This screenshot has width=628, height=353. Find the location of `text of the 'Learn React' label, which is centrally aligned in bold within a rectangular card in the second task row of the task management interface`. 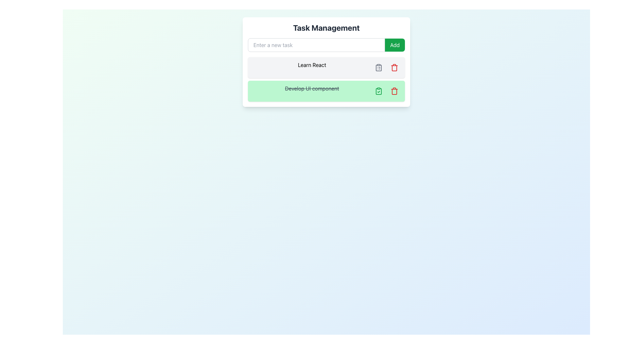

text of the 'Learn React' label, which is centrally aligned in bold within a rectangular card in the second task row of the task management interface is located at coordinates (312, 68).